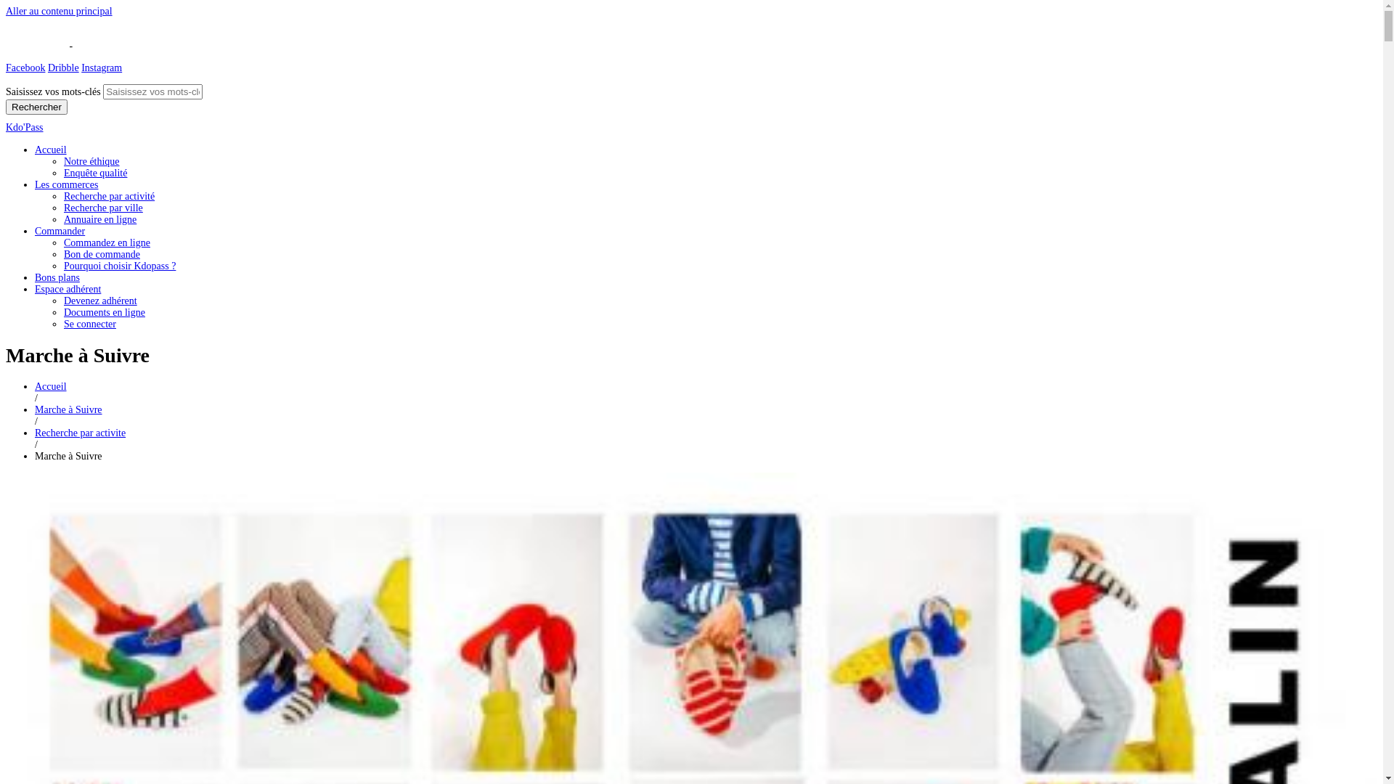 The width and height of the screenshot is (1394, 784). I want to click on 'Accueil', so click(51, 150).